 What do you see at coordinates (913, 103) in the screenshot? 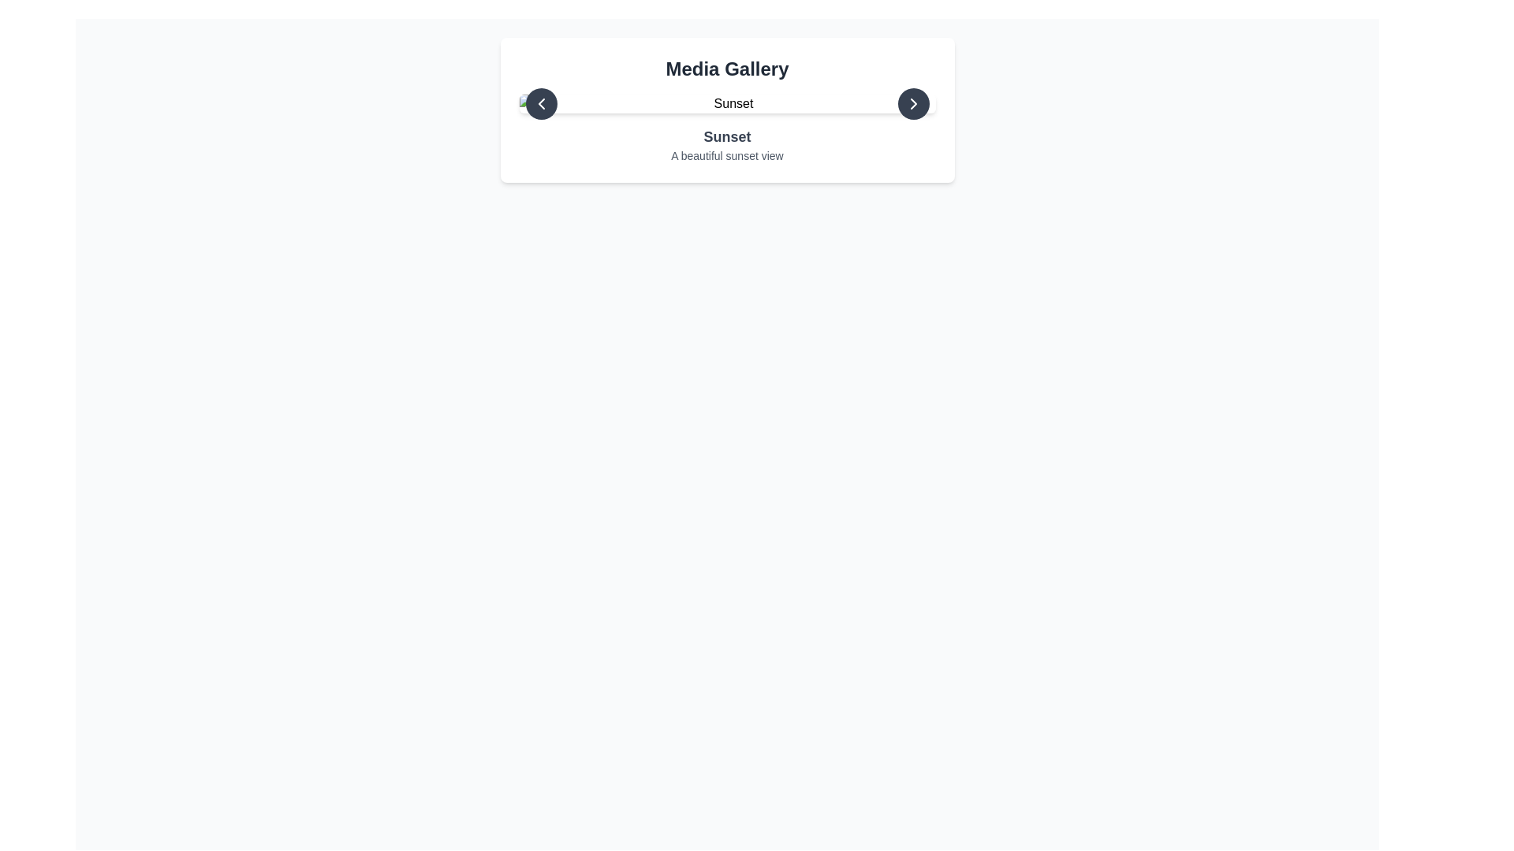
I see `the right chevron icon used for navigation in the Media Gallery, positioned in the top-right section of the main content box, via keyboard navigation` at bounding box center [913, 103].